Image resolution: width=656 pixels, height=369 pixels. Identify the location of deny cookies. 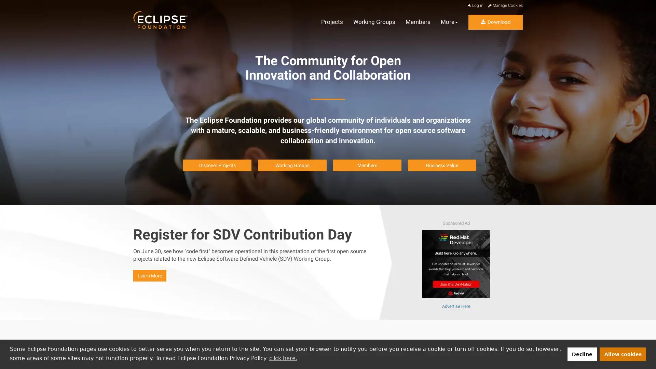
(582, 354).